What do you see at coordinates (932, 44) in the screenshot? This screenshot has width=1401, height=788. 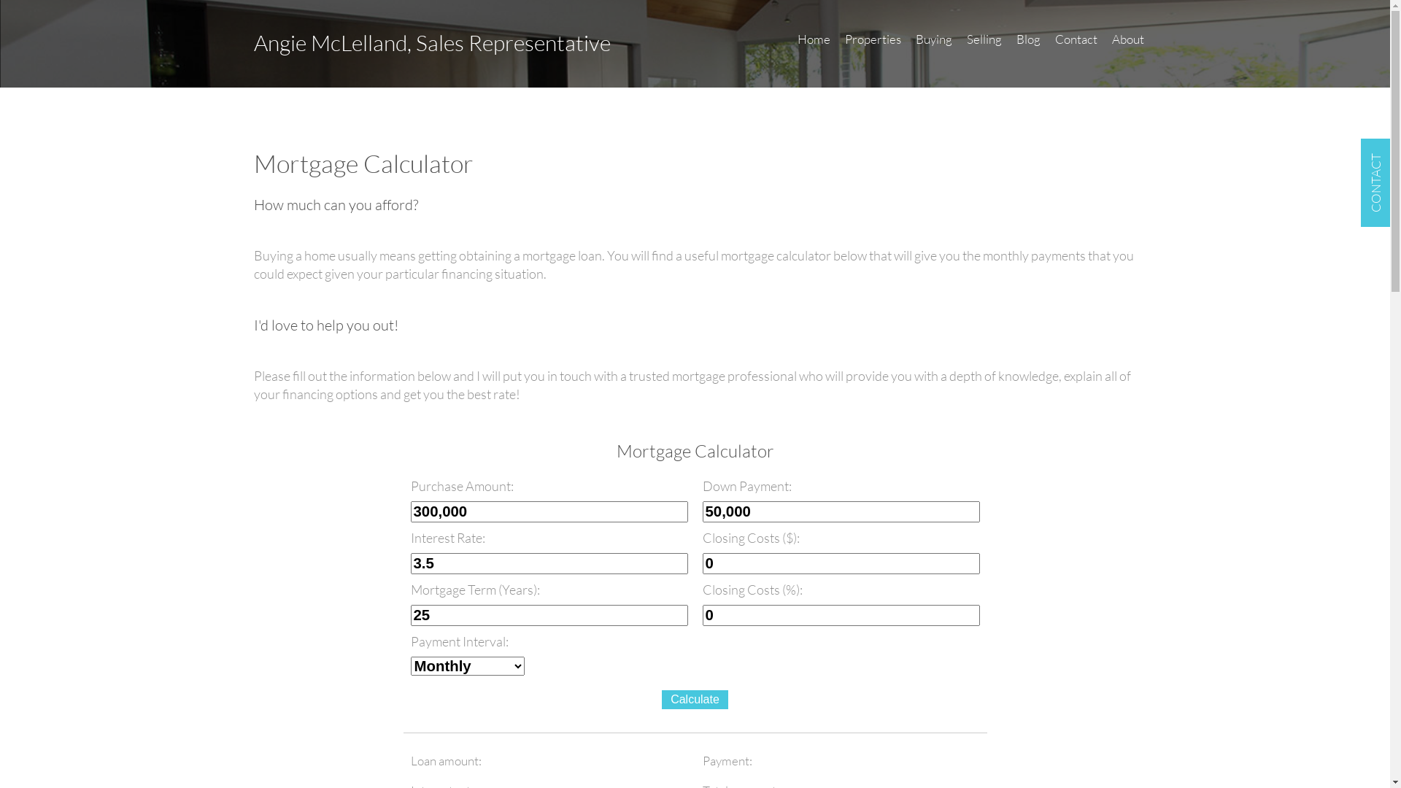 I see `'Buying'` at bounding box center [932, 44].